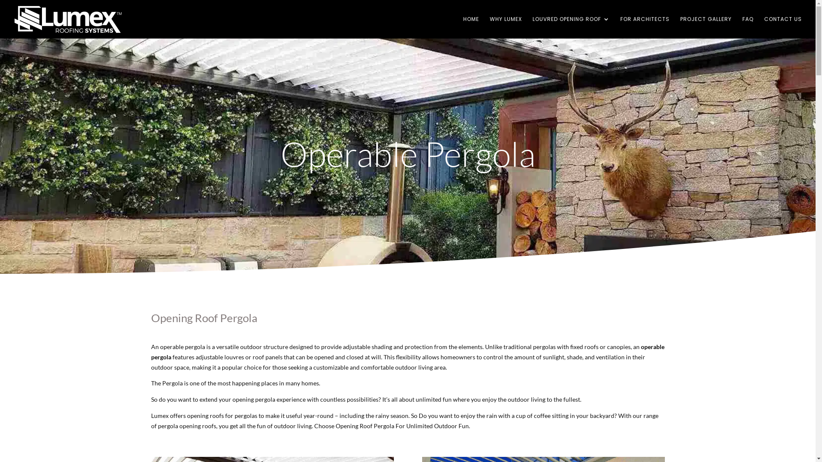 This screenshot has width=822, height=462. What do you see at coordinates (783, 27) in the screenshot?
I see `'CONTACT US'` at bounding box center [783, 27].